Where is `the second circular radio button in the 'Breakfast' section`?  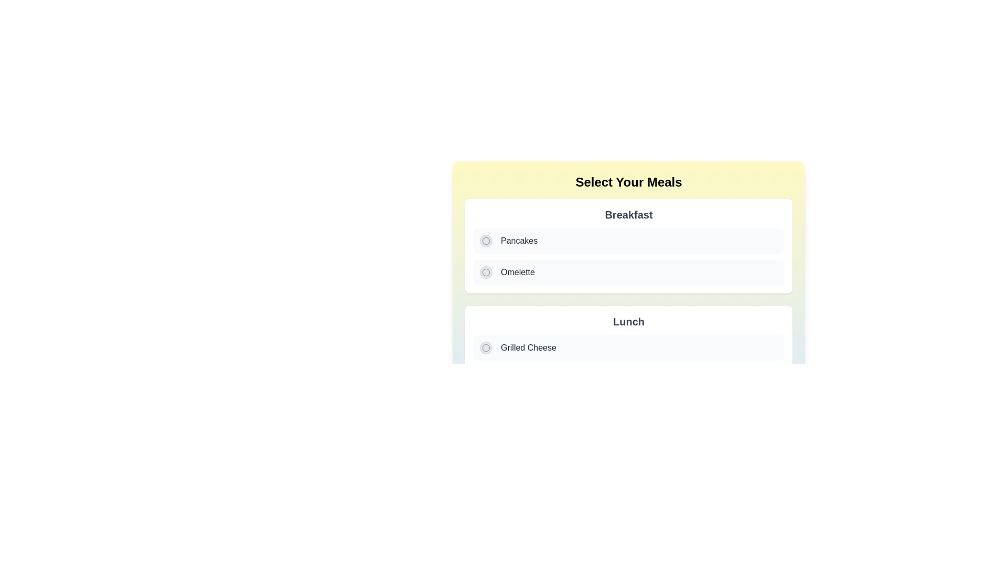 the second circular radio button in the 'Breakfast' section is located at coordinates (485, 272).